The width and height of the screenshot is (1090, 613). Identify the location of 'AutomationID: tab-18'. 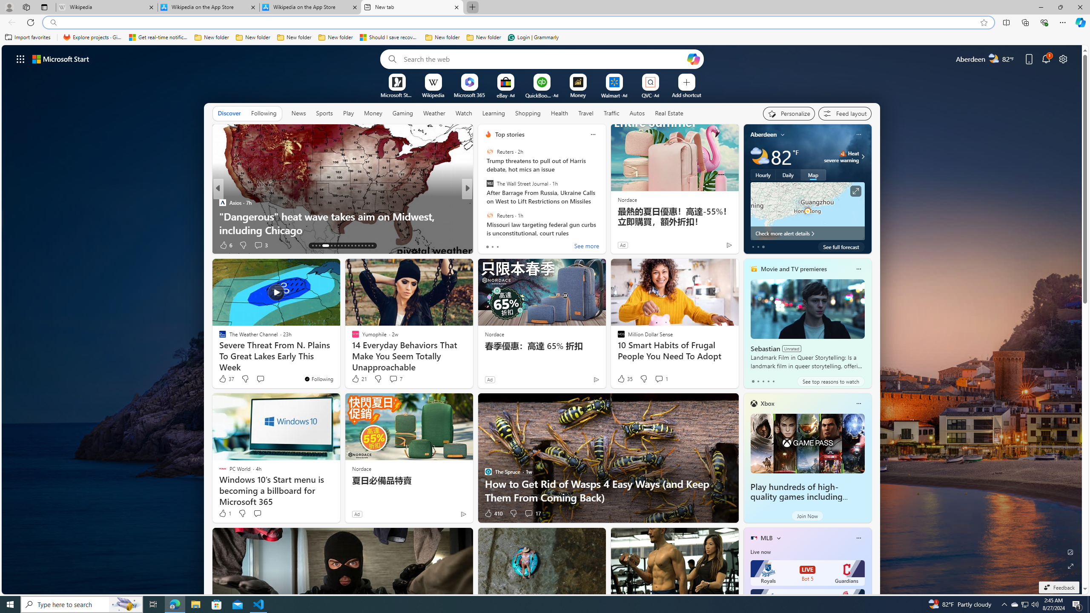
(334, 246).